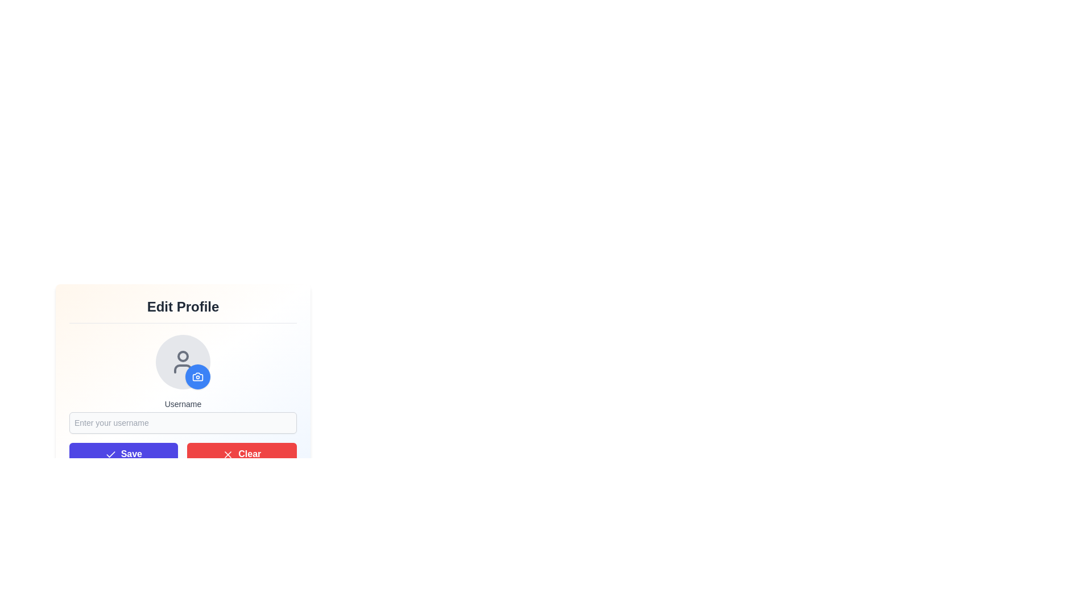 The height and width of the screenshot is (614, 1092). Describe the element at coordinates (197, 377) in the screenshot. I see `the camera icon located within the blue circular button at the lower-right corner of the circular avatar image to initiate an upload action` at that location.